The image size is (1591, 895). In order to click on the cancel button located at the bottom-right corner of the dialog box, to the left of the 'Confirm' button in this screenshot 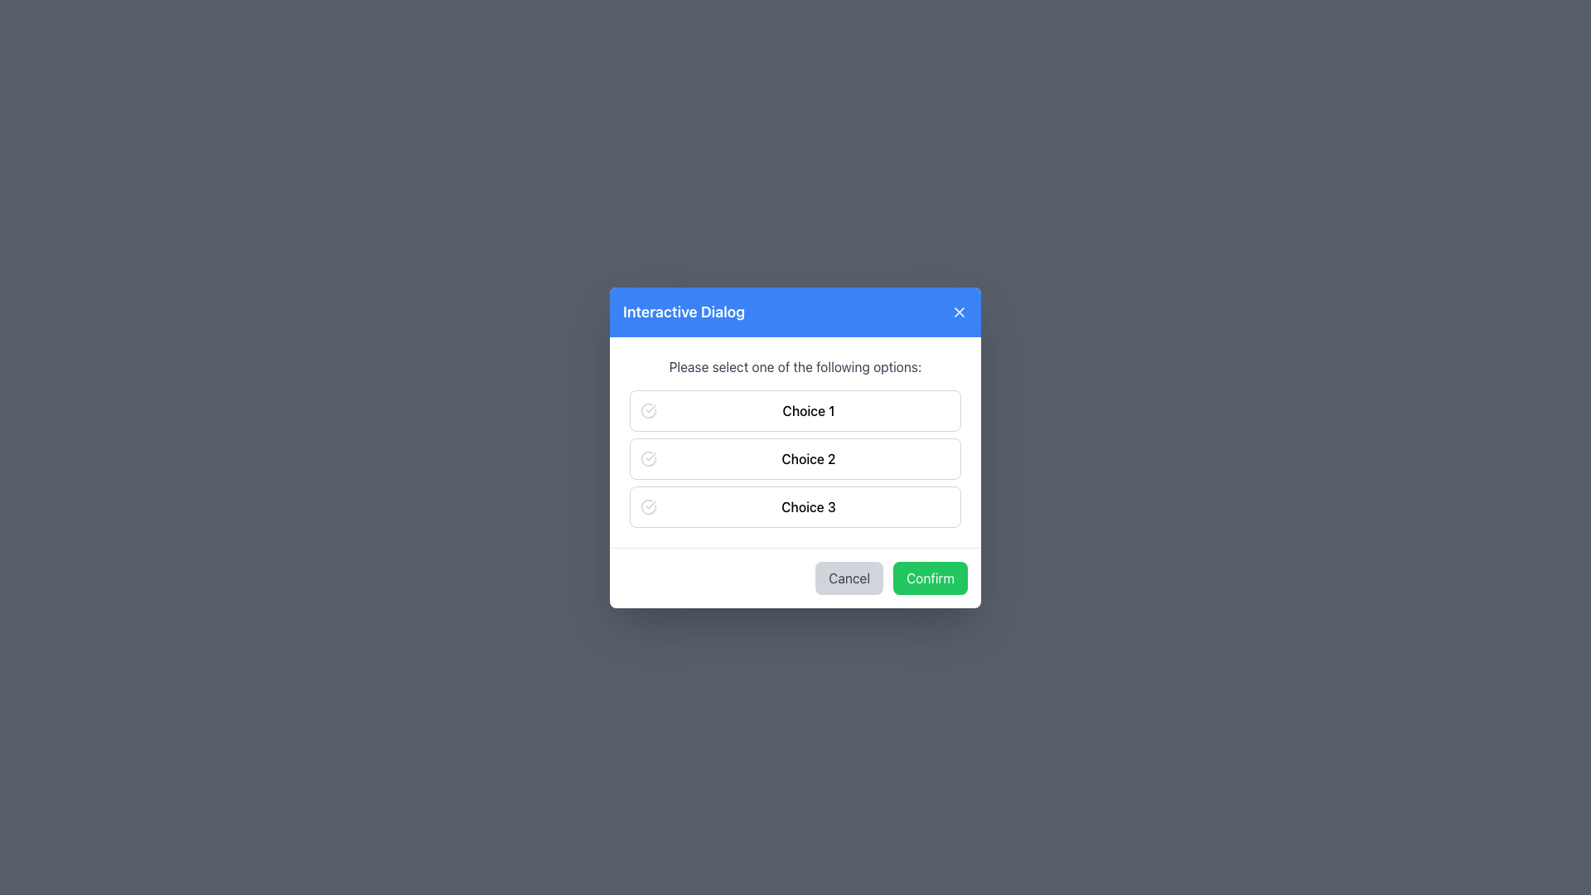, I will do `click(849, 577)`.